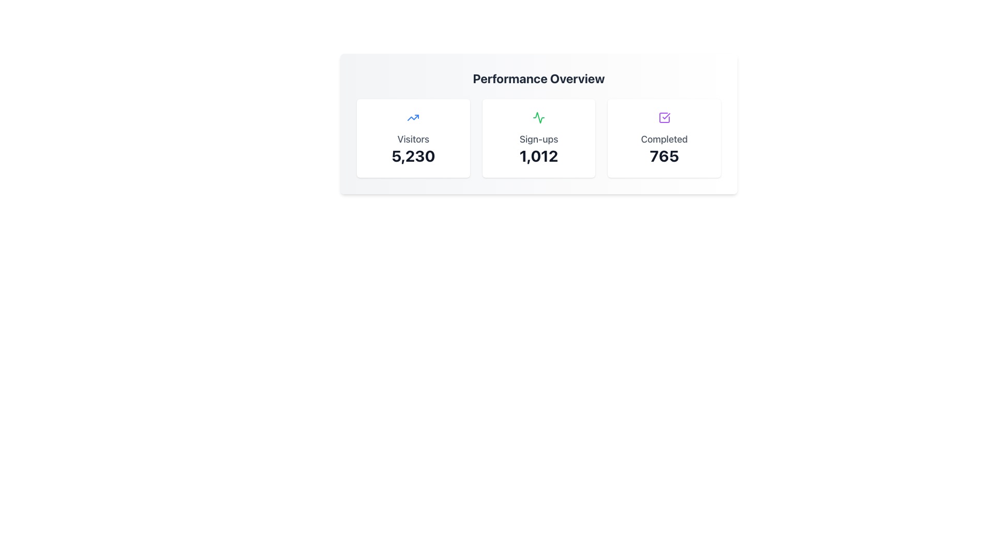 The width and height of the screenshot is (993, 558). What do you see at coordinates (538, 117) in the screenshot?
I see `the graphical icon representing sign-ups in the performance overview, located at the top center of the 'Sign-ups' card above the numerical value '1,012'` at bounding box center [538, 117].